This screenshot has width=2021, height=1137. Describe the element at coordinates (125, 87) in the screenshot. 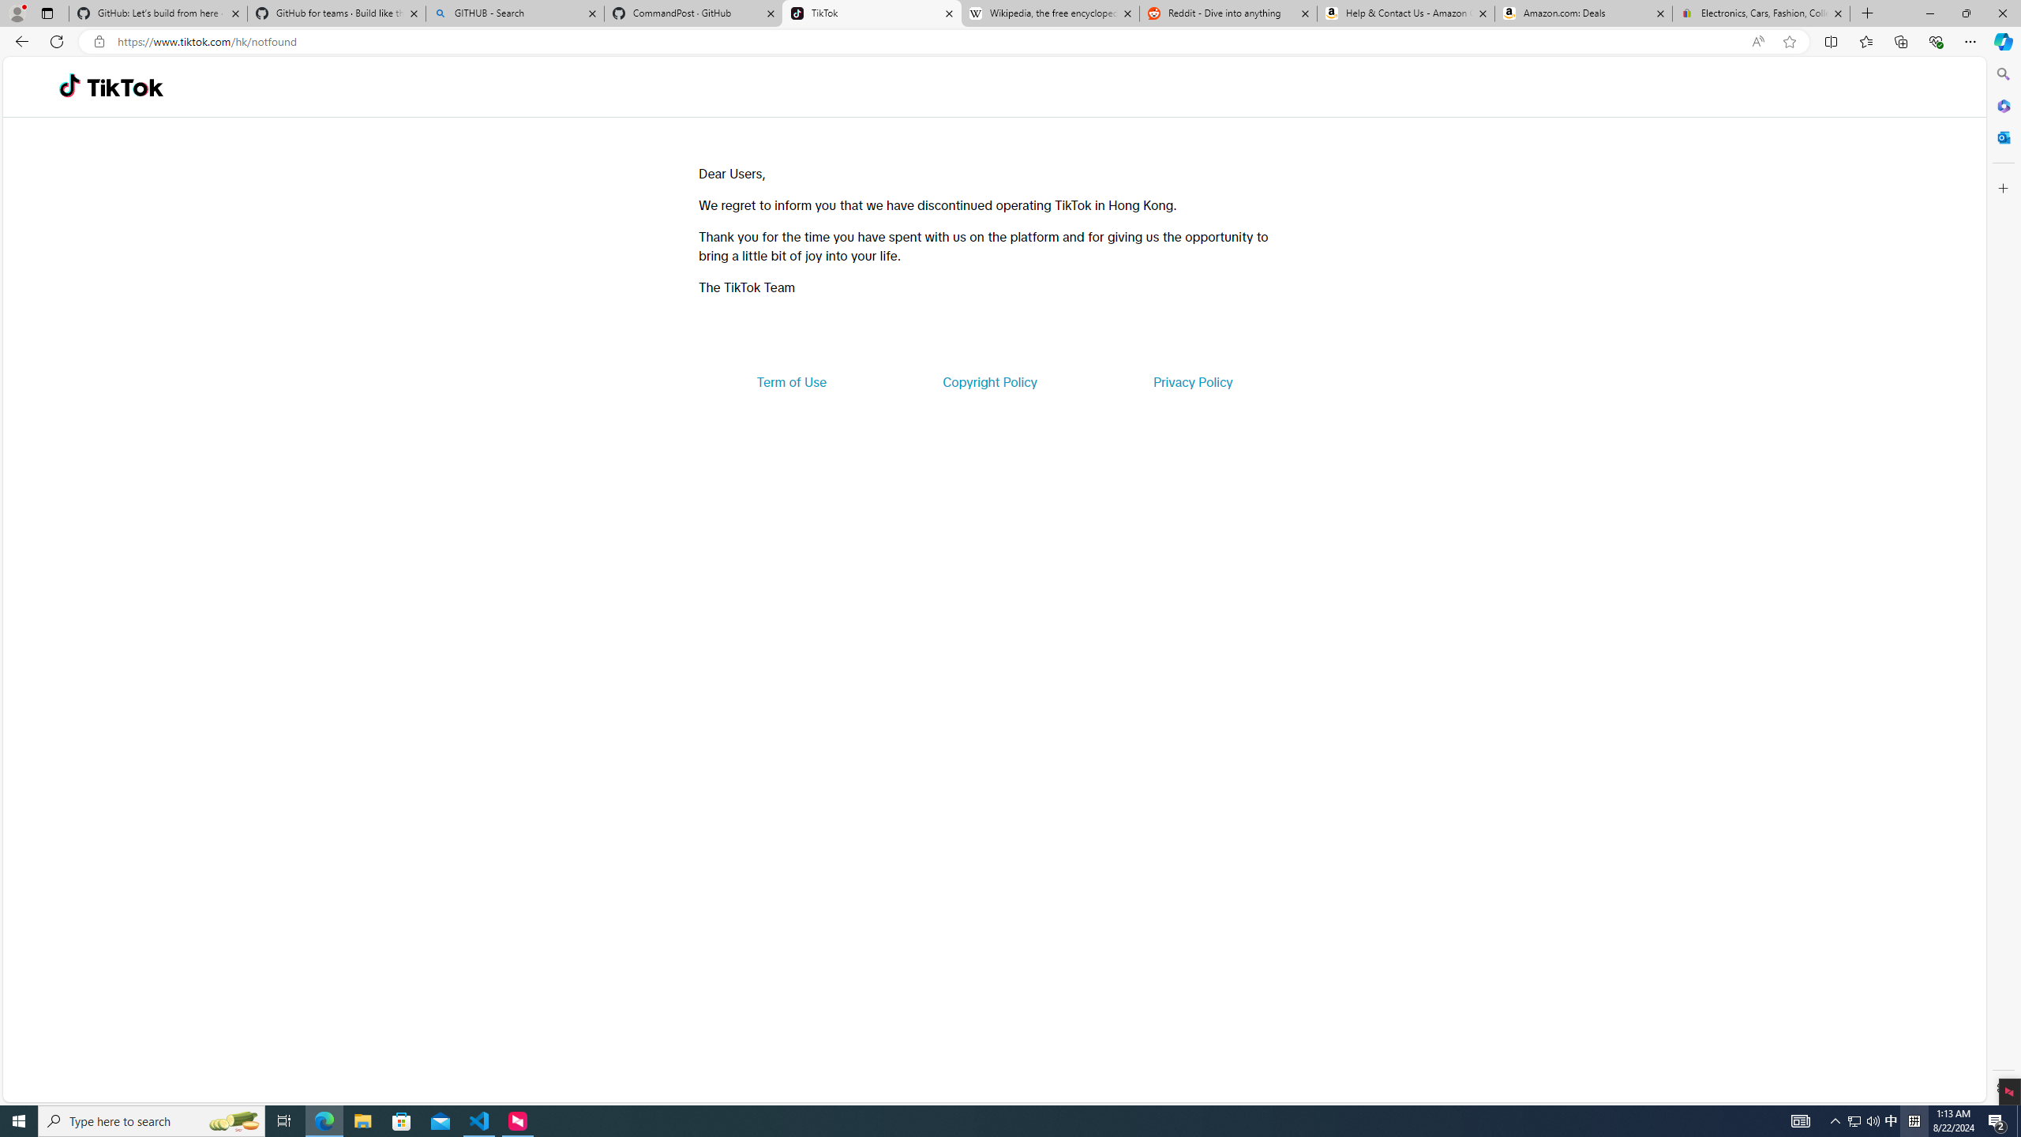

I see `'TikTok'` at that location.